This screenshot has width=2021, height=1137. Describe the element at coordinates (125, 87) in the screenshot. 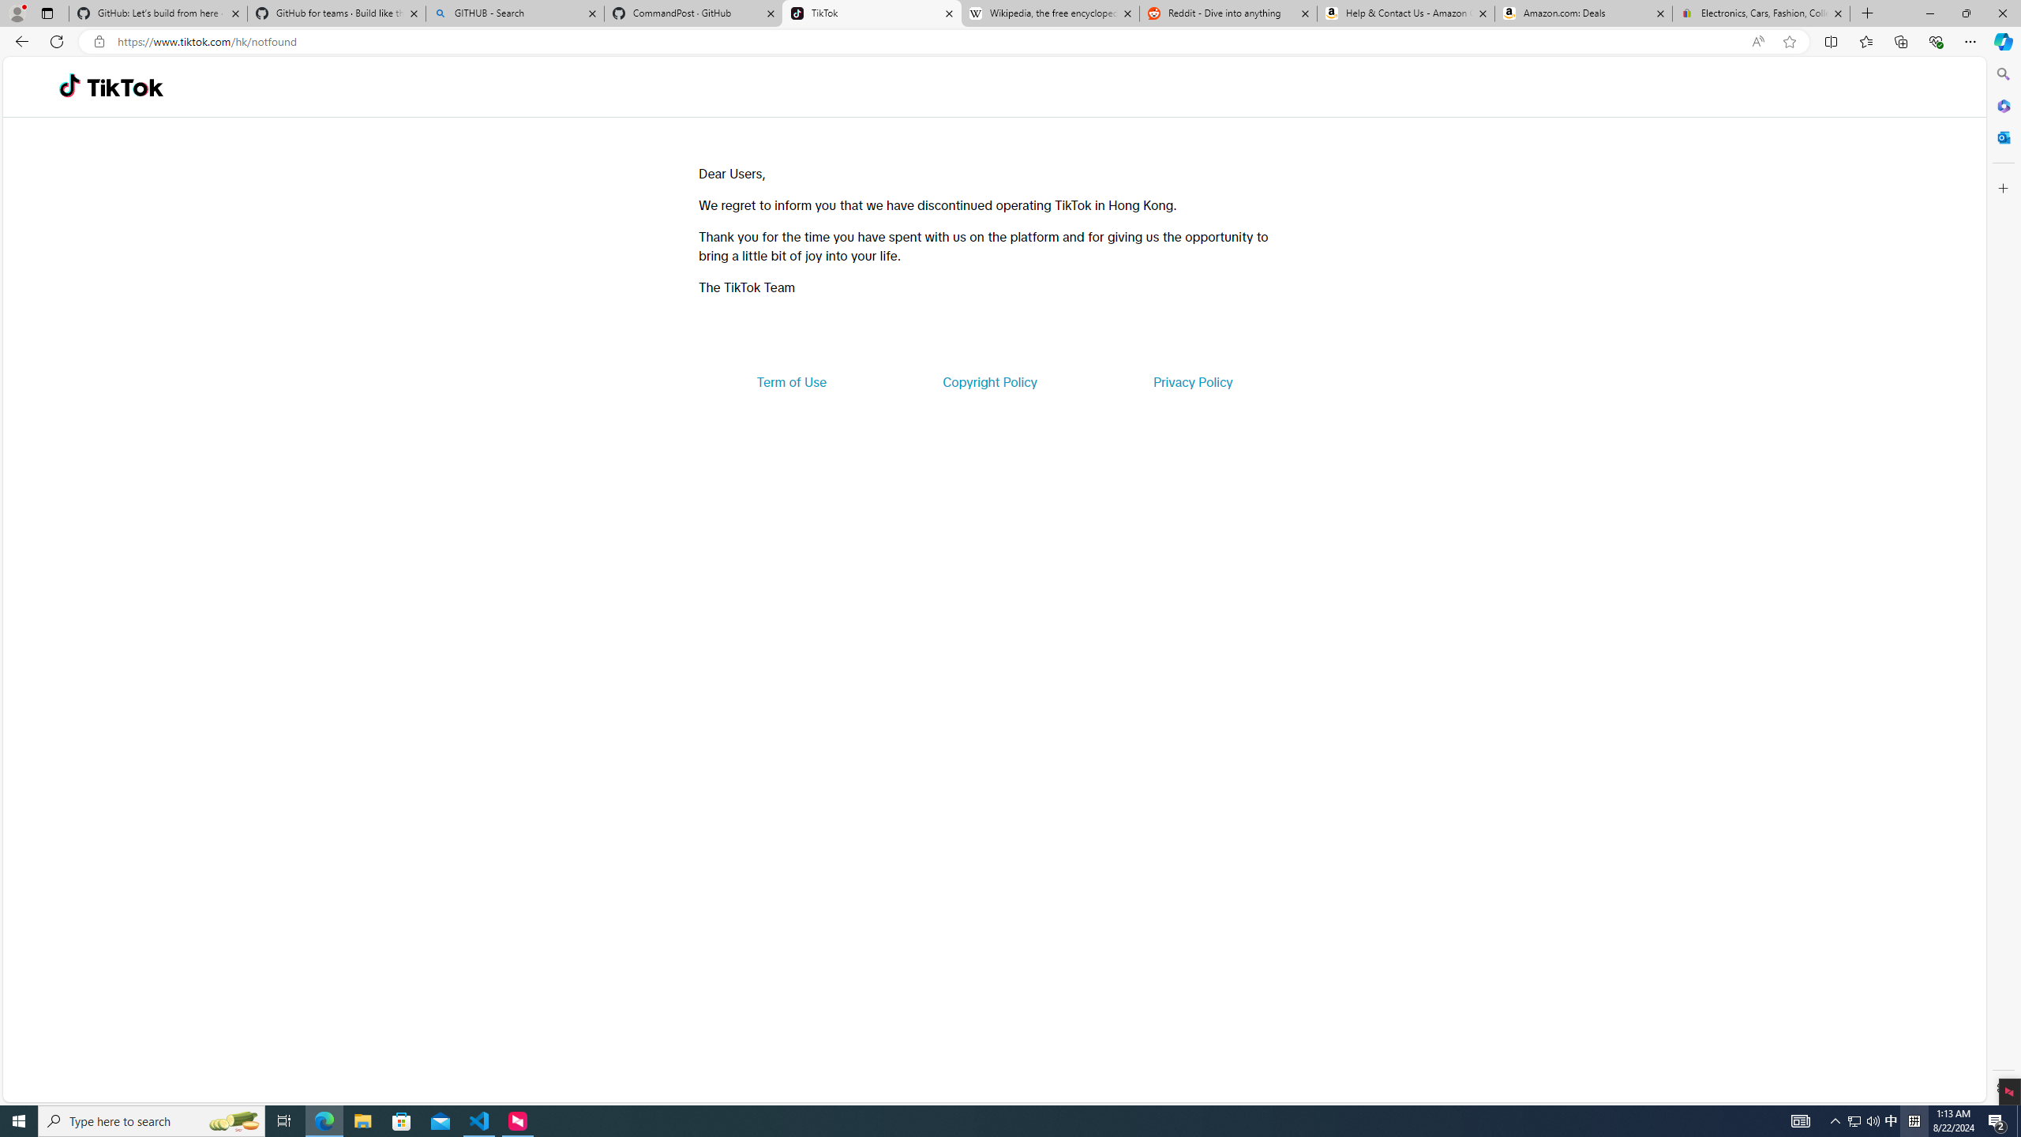

I see `'TikTok'` at that location.